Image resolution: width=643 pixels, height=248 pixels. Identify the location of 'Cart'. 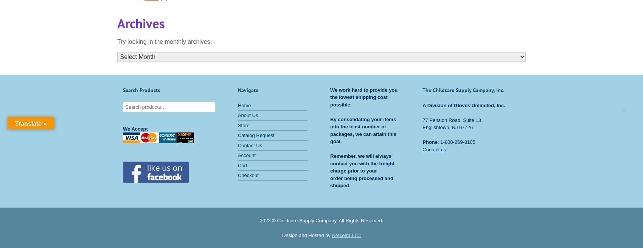
(242, 165).